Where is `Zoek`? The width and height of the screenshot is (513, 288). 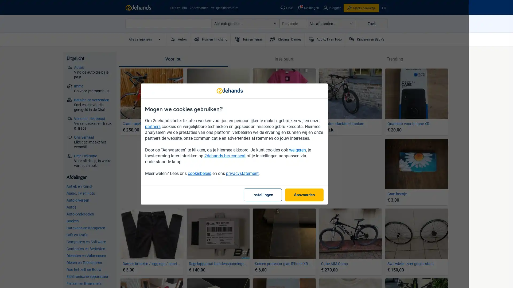
Zoek is located at coordinates (371, 23).